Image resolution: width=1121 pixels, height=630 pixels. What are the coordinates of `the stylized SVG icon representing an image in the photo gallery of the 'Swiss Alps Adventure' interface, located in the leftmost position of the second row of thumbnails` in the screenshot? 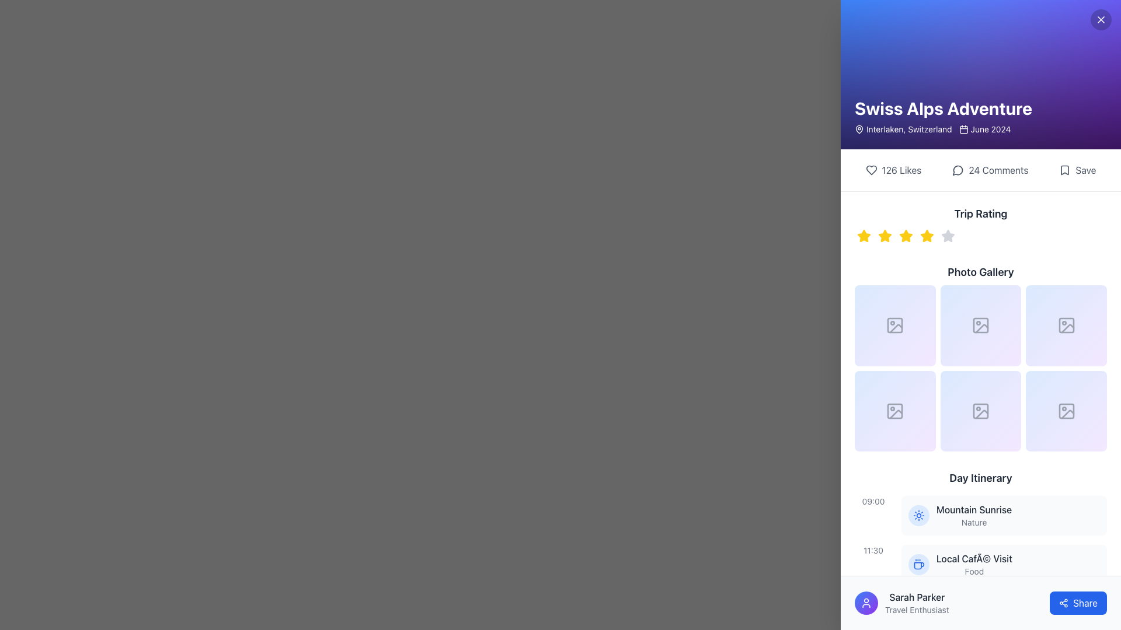 It's located at (896, 414).